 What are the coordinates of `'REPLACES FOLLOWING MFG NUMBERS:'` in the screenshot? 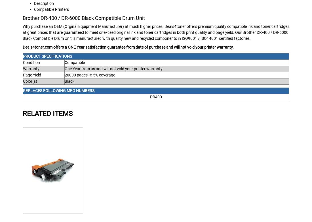 It's located at (59, 91).